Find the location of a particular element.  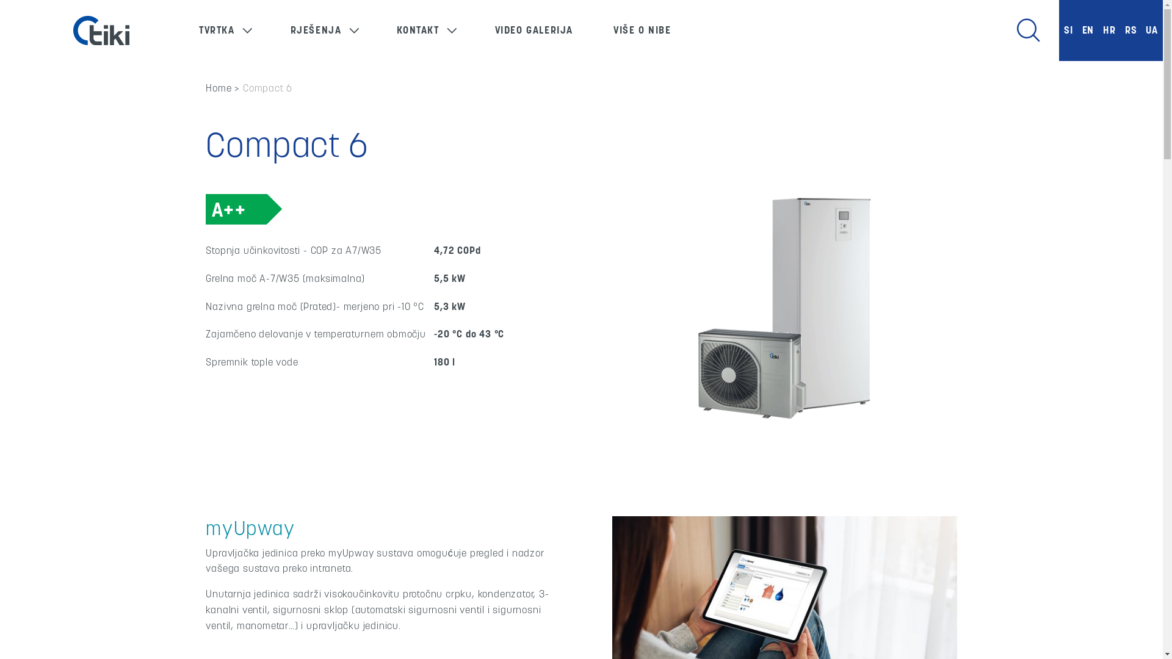

'VIDEO GALERIJA' is located at coordinates (490, 30).